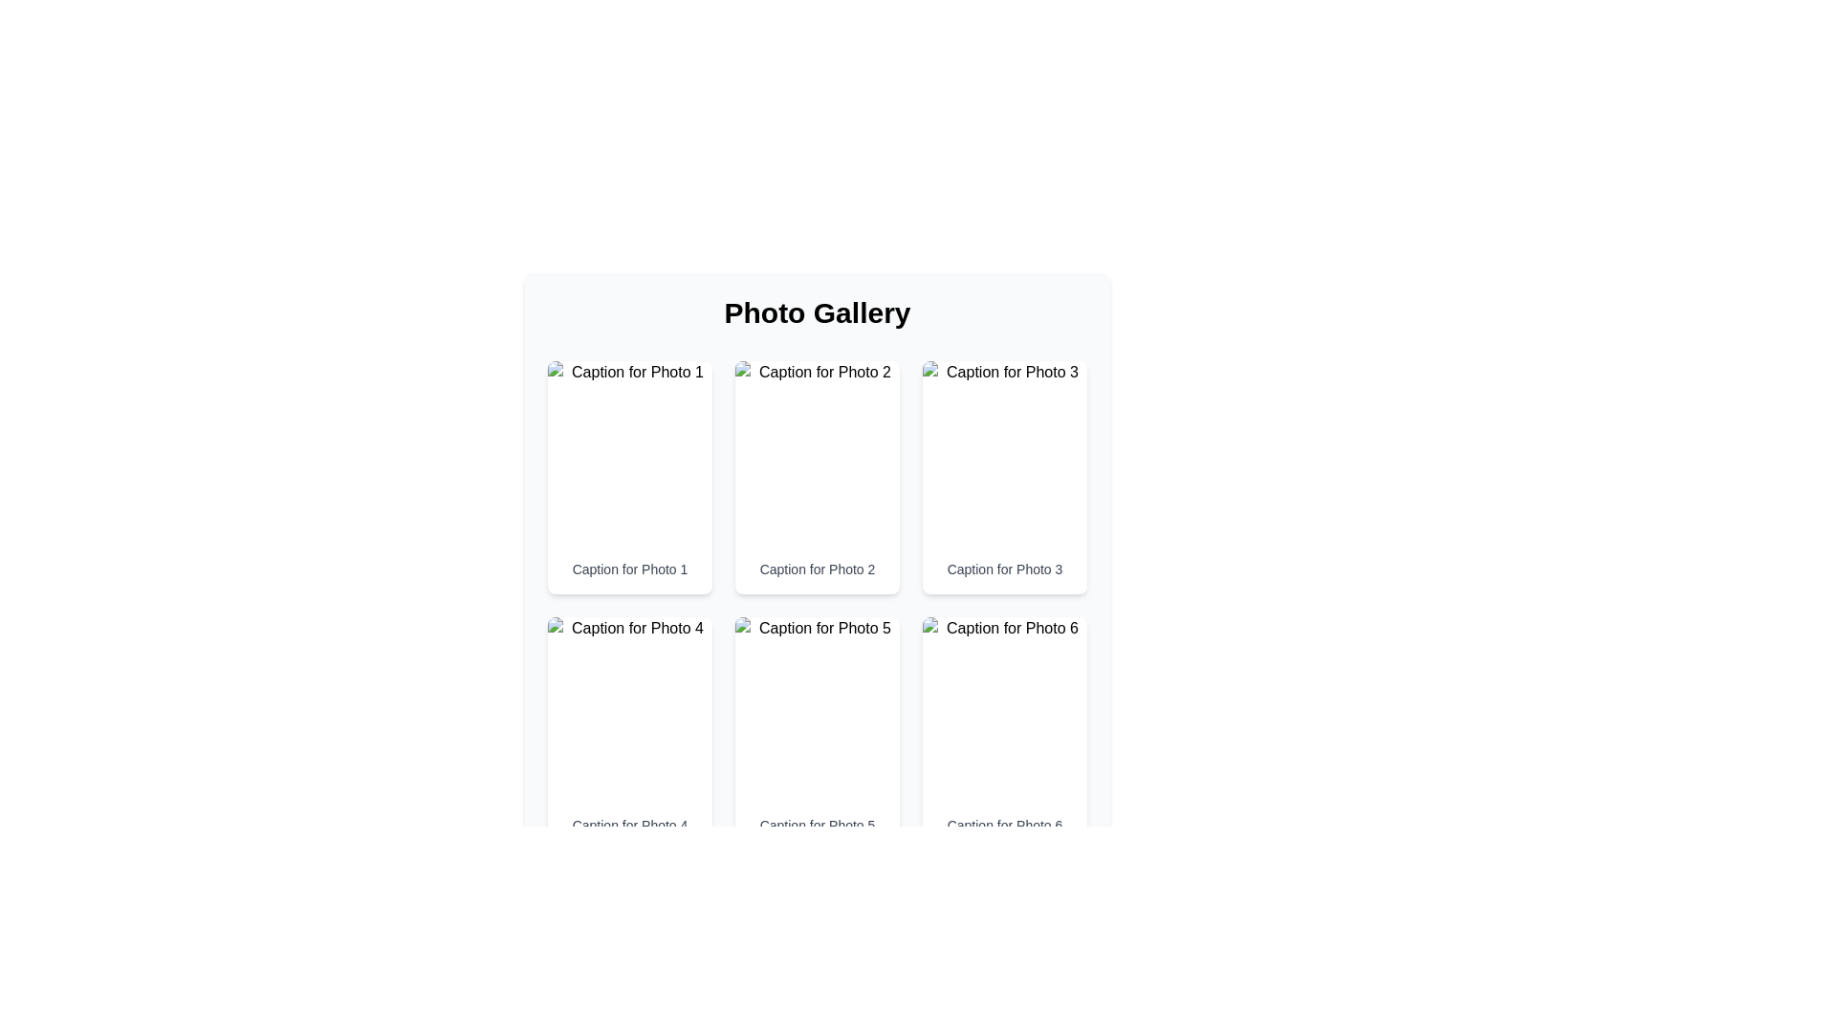  I want to click on the text element that reads 'Caption for Photo 3' in gray, located at the bottom of the third card in the top row of the photo gallery layout, so click(1004, 569).